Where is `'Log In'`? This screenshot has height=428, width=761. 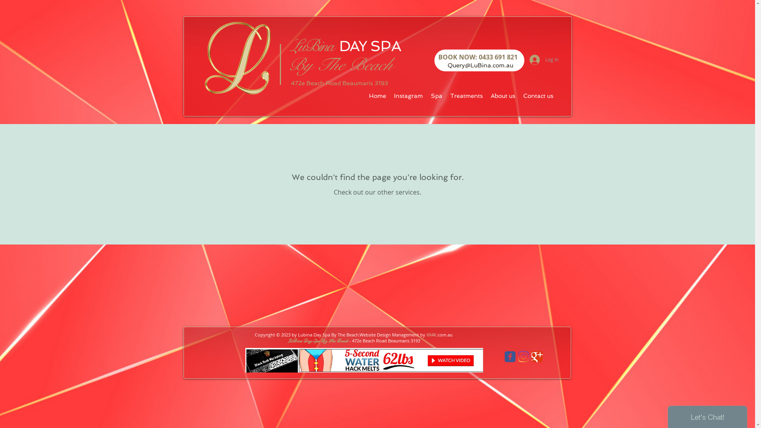 'Log In' is located at coordinates (543, 59).